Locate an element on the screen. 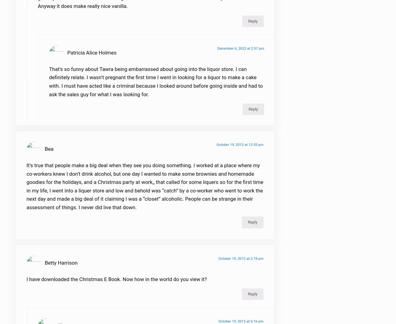 This screenshot has height=324, width=396. 'December 6, 2022 at 2:57 pm' is located at coordinates (240, 52).